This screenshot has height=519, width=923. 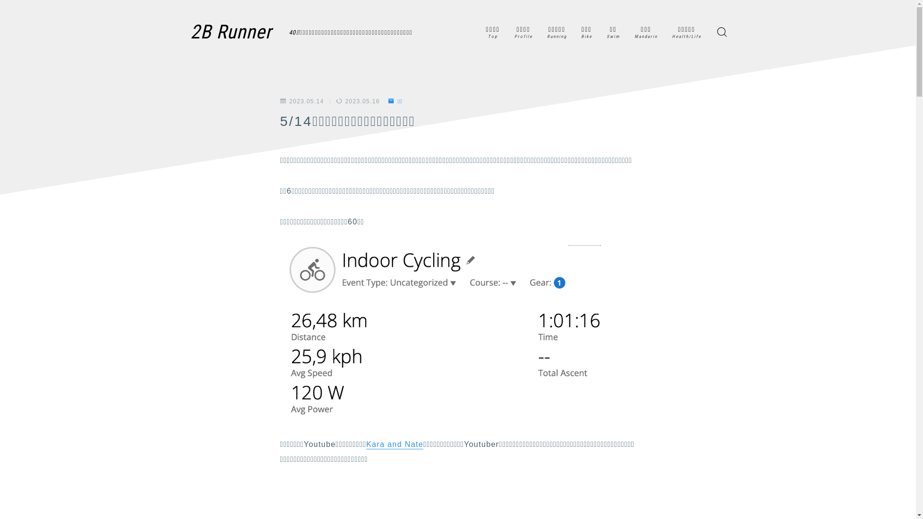 What do you see at coordinates (366, 444) in the screenshot?
I see `'Kara and Nate'` at bounding box center [366, 444].